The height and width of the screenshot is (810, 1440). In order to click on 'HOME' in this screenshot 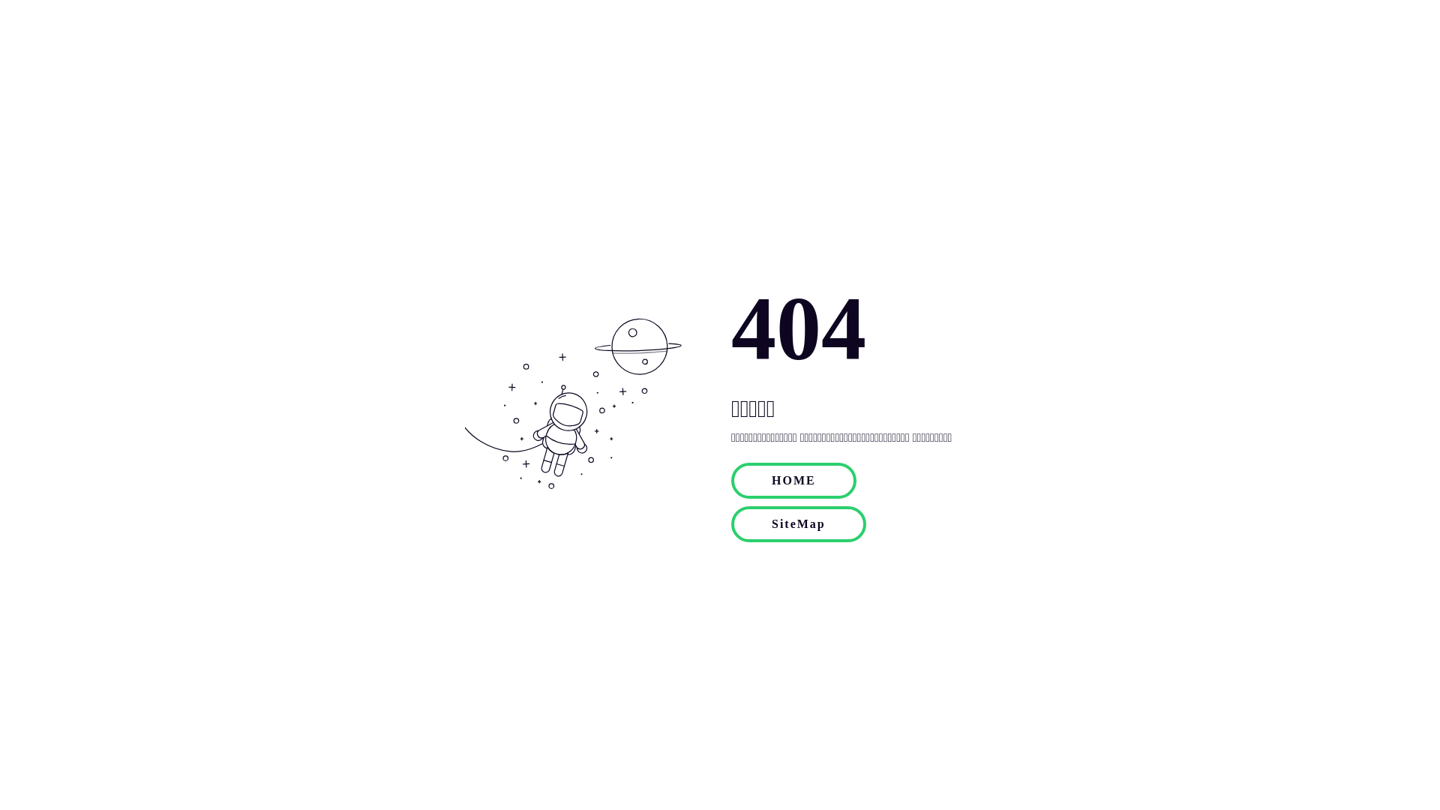, I will do `click(793, 480)`.